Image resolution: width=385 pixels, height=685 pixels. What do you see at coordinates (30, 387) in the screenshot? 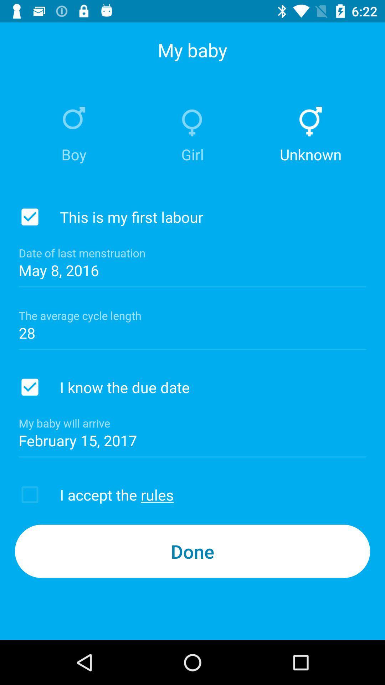
I see `disable` at bounding box center [30, 387].